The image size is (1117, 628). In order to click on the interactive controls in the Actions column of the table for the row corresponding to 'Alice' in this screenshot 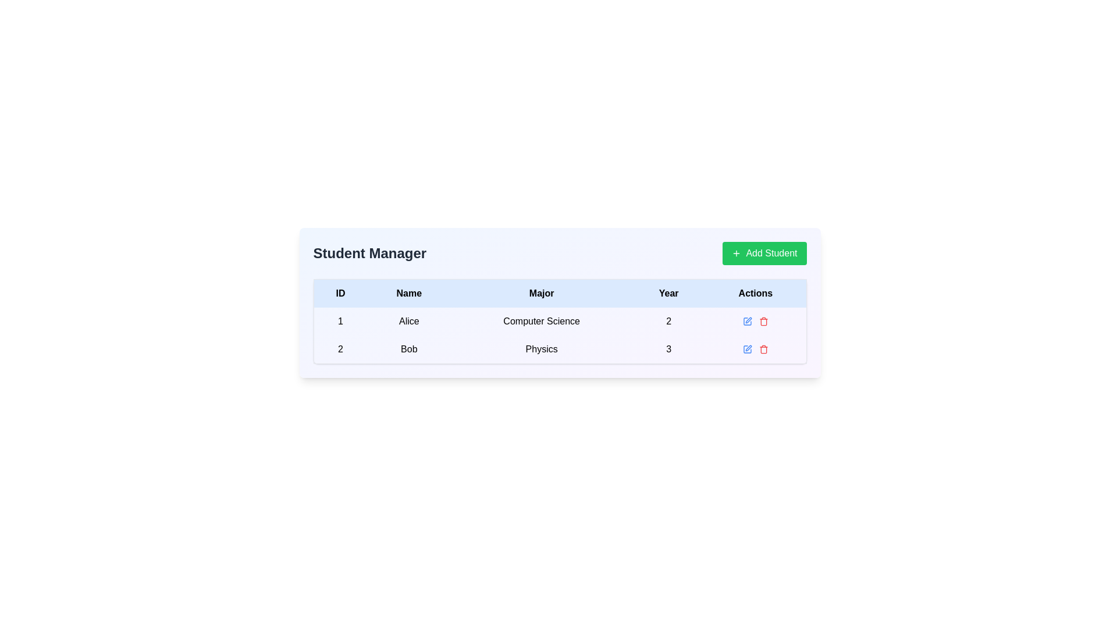, I will do `click(756, 321)`.